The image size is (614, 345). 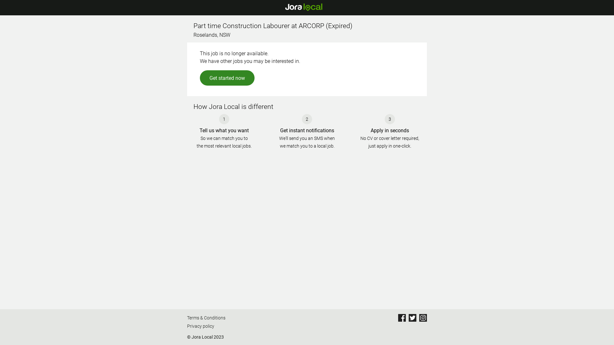 I want to click on 'Instagram', so click(x=423, y=318).